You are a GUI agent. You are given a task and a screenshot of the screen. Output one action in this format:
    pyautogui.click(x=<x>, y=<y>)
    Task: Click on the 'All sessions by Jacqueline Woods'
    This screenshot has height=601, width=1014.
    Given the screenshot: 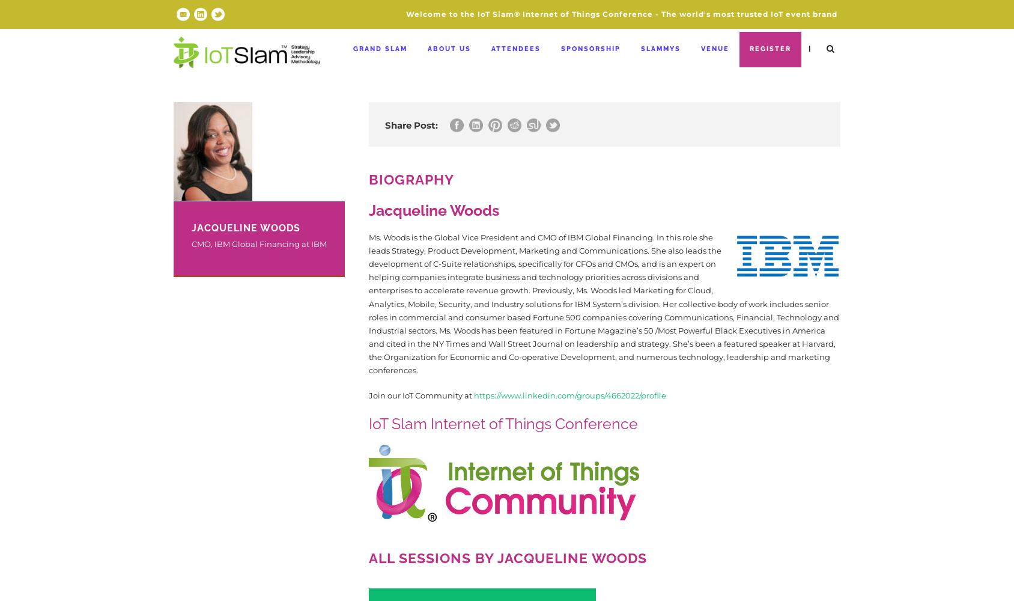 What is the action you would take?
    pyautogui.click(x=507, y=557)
    